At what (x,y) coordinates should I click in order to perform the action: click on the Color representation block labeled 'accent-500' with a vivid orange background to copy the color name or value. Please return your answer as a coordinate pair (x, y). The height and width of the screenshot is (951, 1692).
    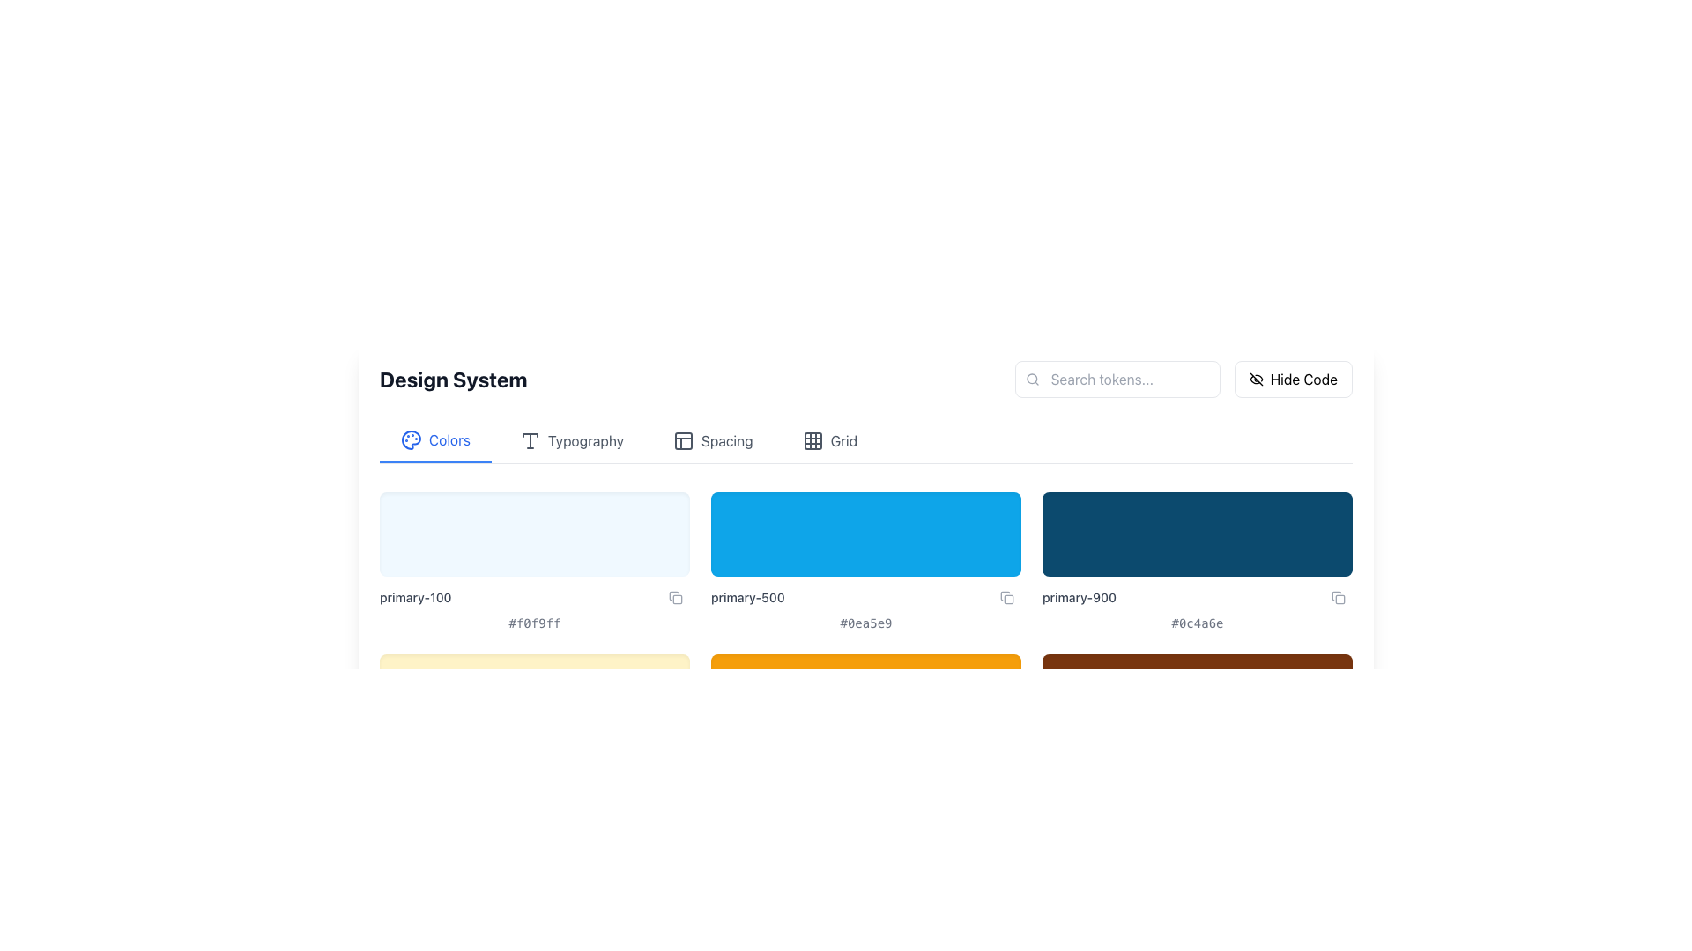
    Looking at the image, I should click on (866, 724).